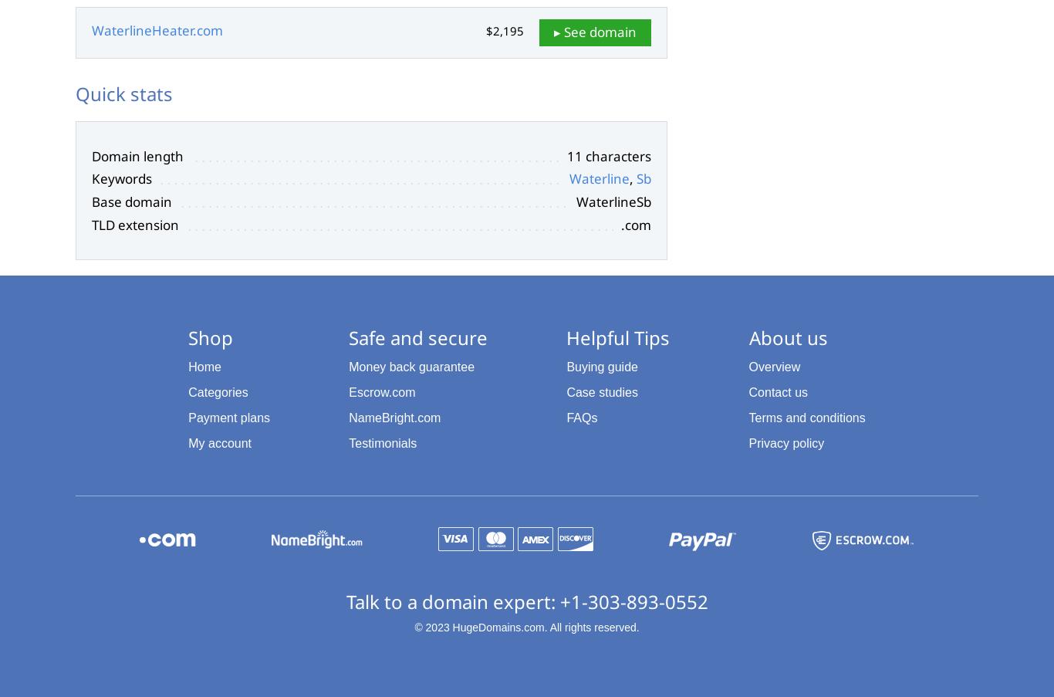 This screenshot has width=1054, height=697. I want to click on '+1-303-893-0552', so click(632, 601).